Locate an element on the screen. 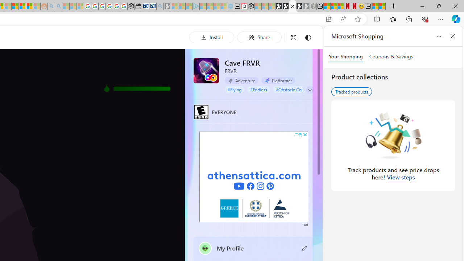 Image resolution: width=464 pixels, height=261 pixels. 'Adventure' is located at coordinates (241, 80).